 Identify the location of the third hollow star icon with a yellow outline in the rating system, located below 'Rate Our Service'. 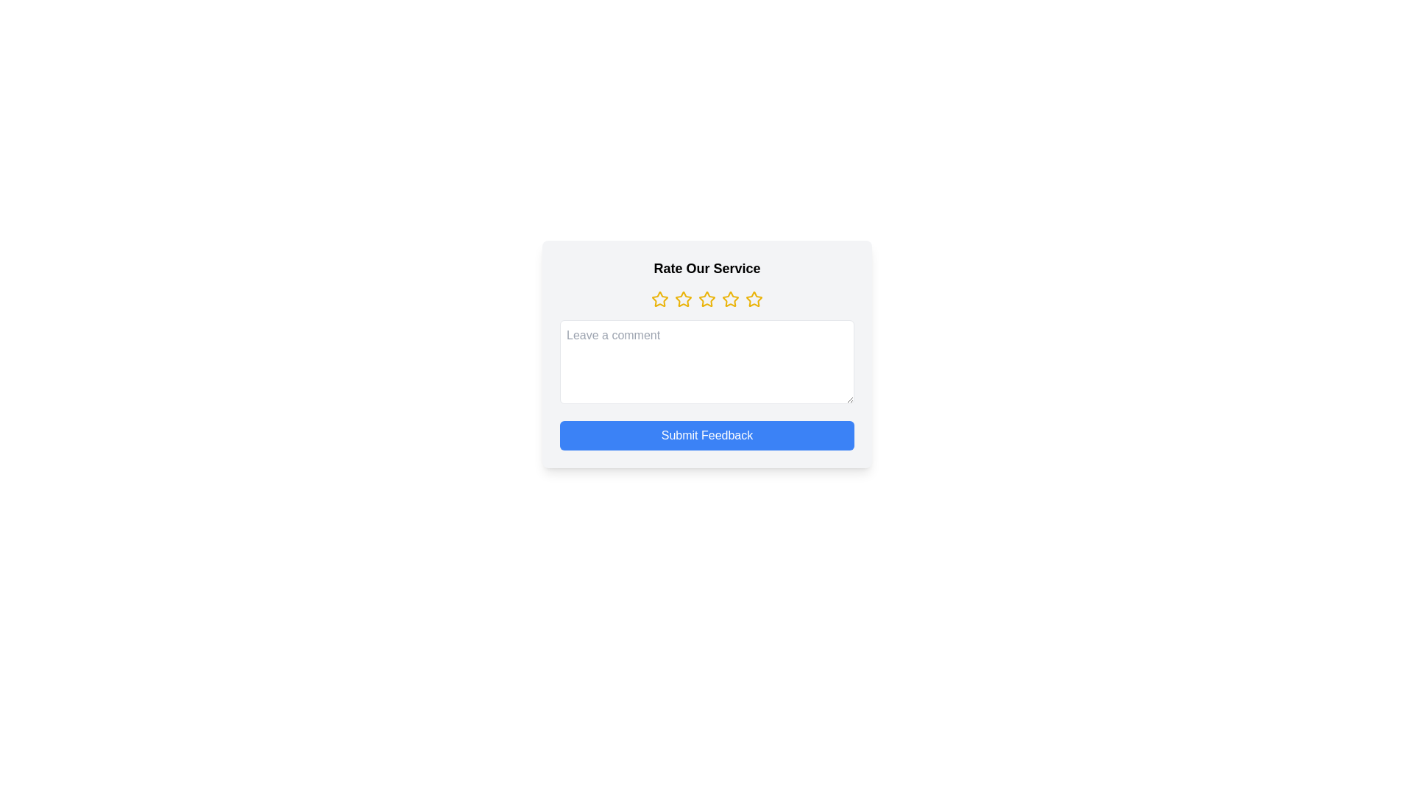
(731, 298).